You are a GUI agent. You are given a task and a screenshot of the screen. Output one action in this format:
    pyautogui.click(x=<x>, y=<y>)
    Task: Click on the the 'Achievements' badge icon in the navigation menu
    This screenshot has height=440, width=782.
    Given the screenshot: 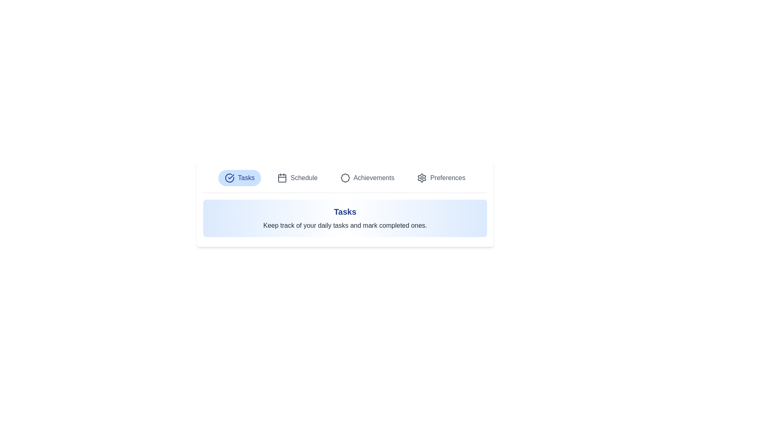 What is the action you would take?
    pyautogui.click(x=345, y=177)
    